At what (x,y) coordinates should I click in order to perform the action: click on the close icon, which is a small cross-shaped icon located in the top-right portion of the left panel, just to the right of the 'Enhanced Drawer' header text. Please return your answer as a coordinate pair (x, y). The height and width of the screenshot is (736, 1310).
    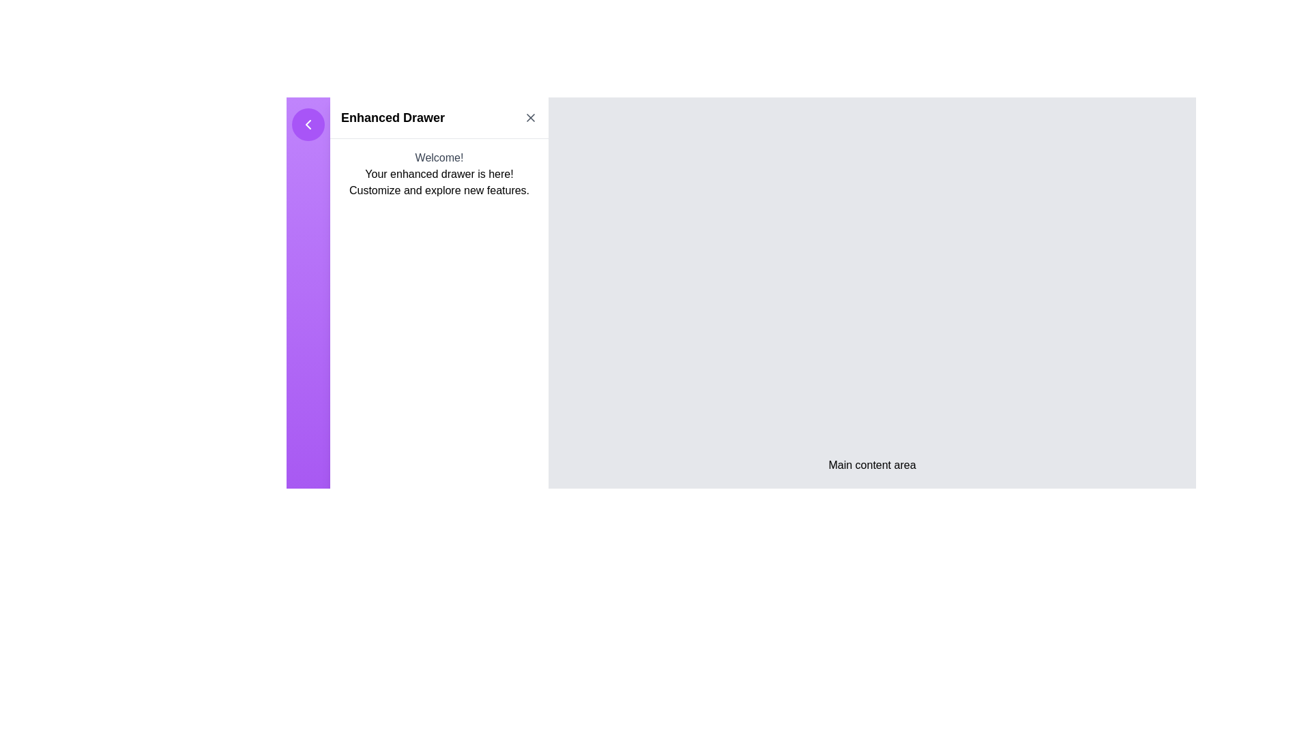
    Looking at the image, I should click on (529, 117).